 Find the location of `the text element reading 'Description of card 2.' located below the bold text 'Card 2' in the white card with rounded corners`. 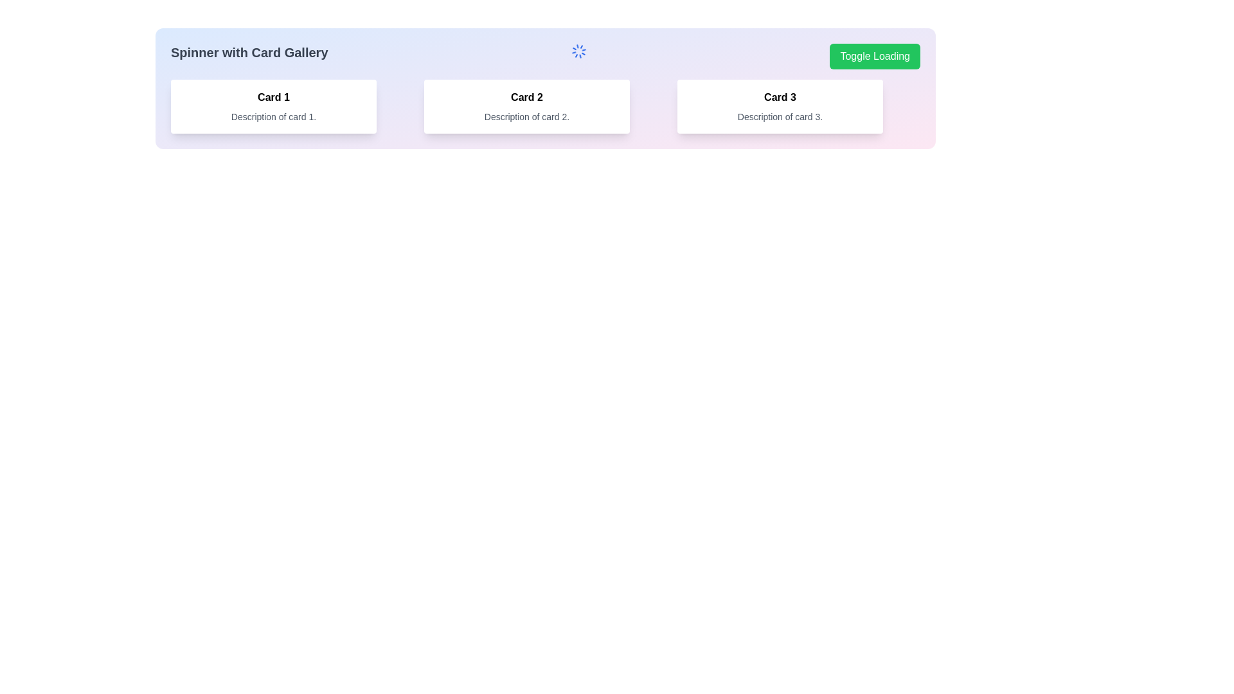

the text element reading 'Description of card 2.' located below the bold text 'Card 2' in the white card with rounded corners is located at coordinates (527, 116).